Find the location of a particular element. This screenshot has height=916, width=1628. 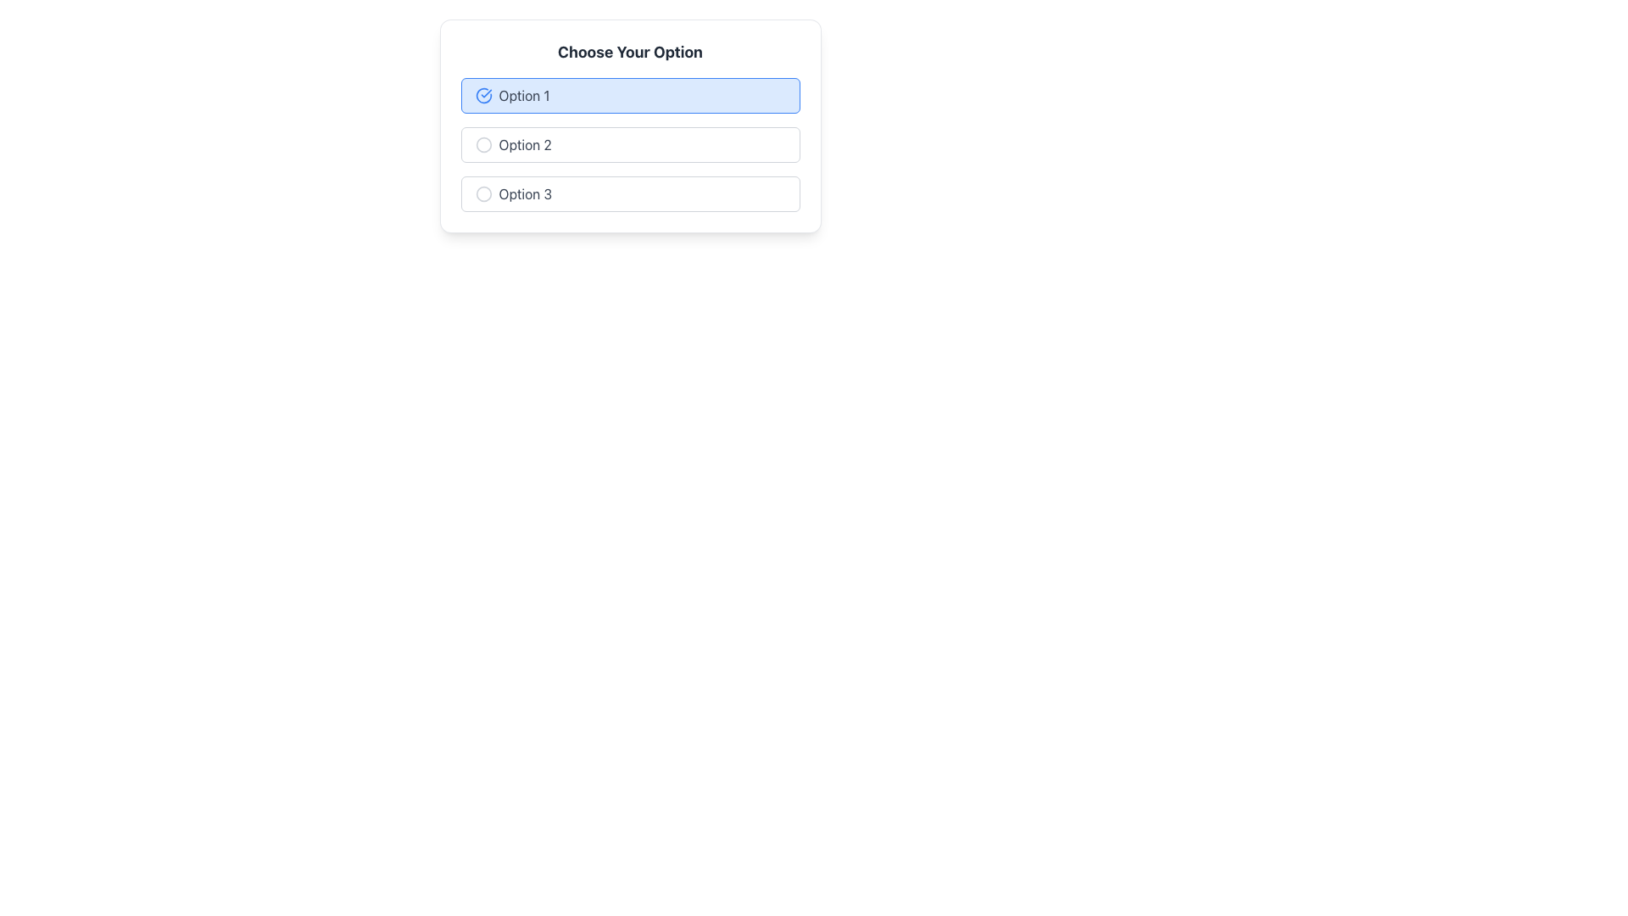

the Circle indicator for the third option in the selection list, located next to the text 'Option 3' is located at coordinates (482, 193).